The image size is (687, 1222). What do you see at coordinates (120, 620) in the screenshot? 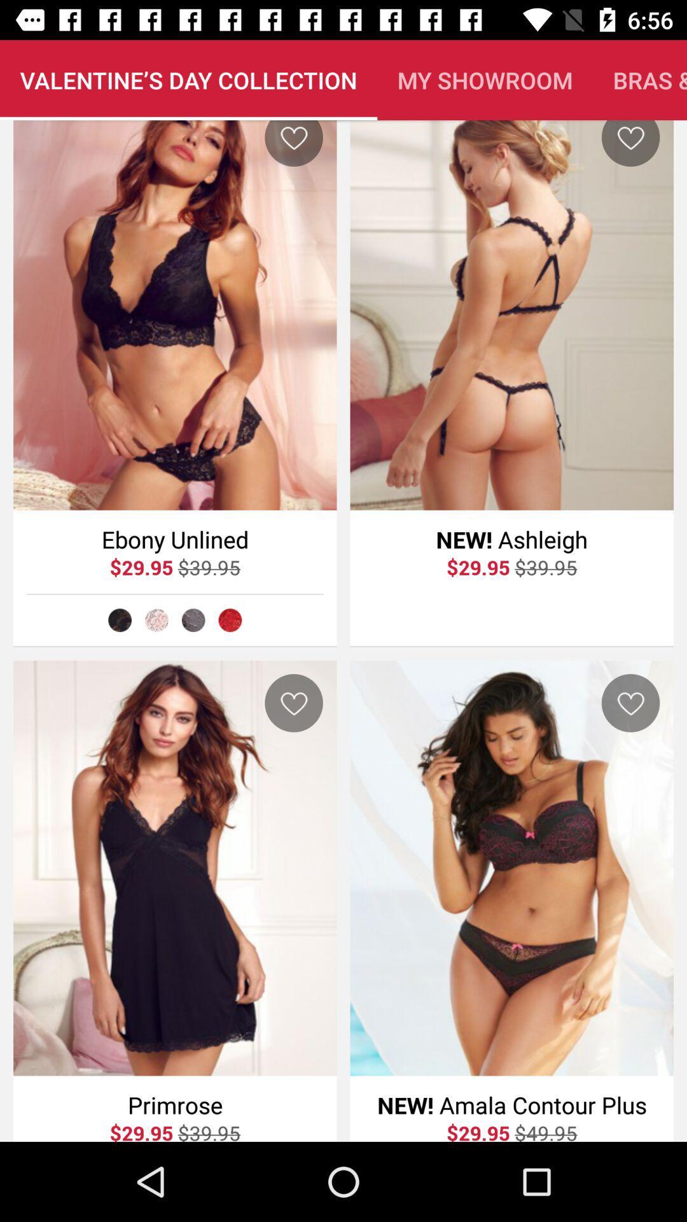
I see `first color option` at bounding box center [120, 620].